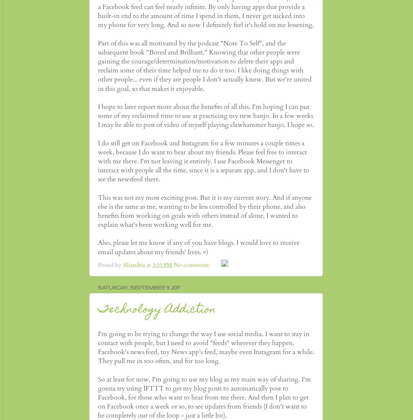 Image resolution: width=413 pixels, height=420 pixels. Describe the element at coordinates (204, 65) in the screenshot. I see `'Part of this was all motivated by the podcast "Note To Self", and the subsequent book "Bored and Brilliant." Knowing that other people were gaining the courage/determination/motivation to delete their apps and reclaim some of their time helped me to do it too. I like doing things with other people... even if they are people I don't actually know. But we're united in this goal, so that makes it enjoyable.'` at that location.